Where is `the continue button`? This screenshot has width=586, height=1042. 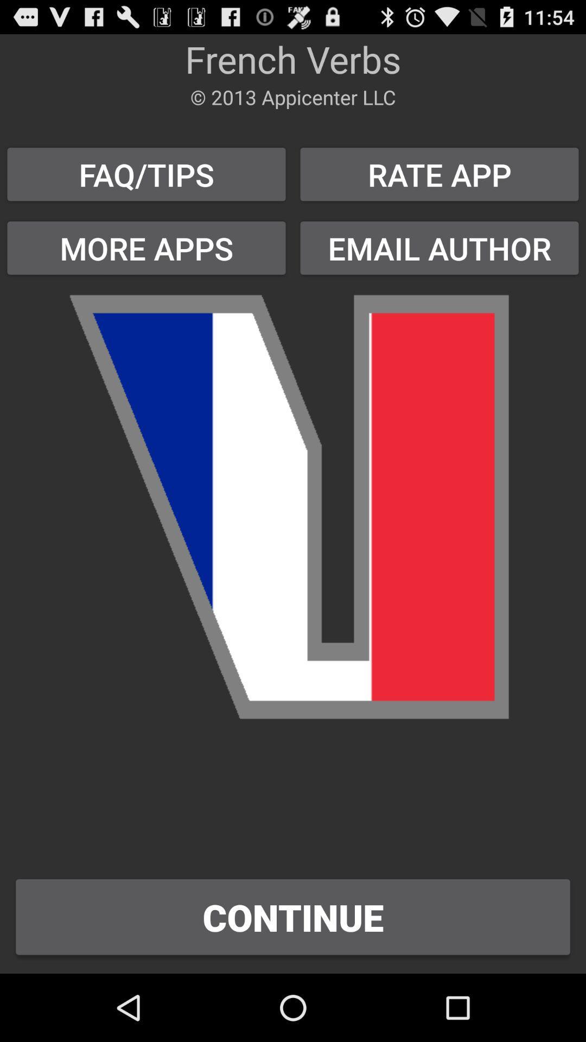
the continue button is located at coordinates (293, 916).